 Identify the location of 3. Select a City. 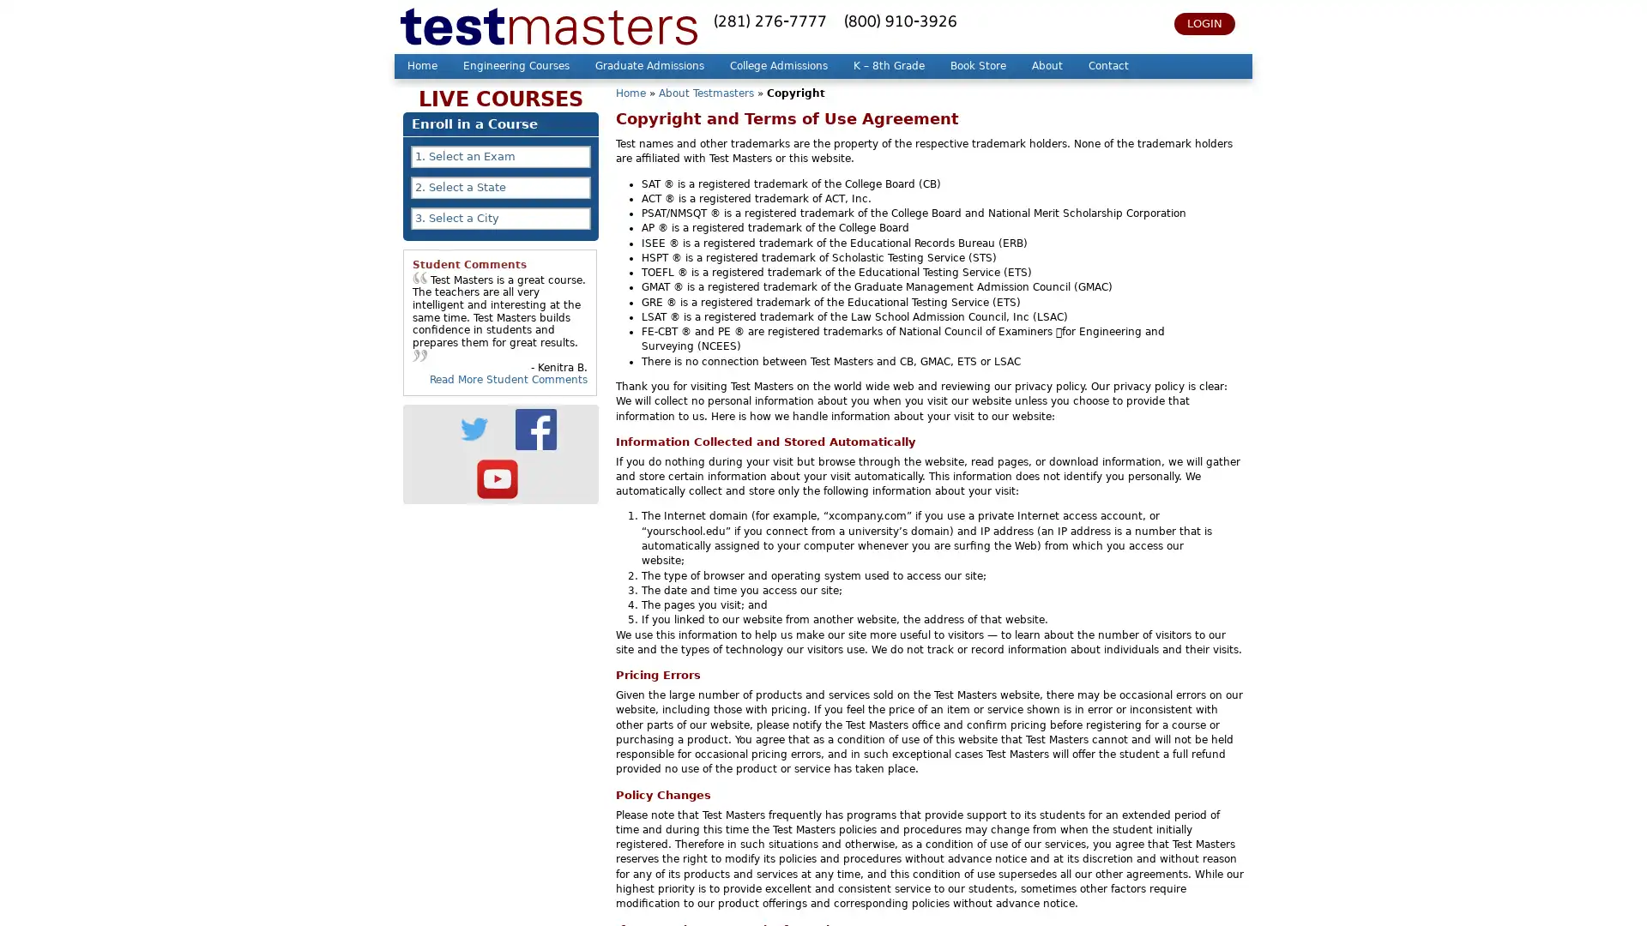
(500, 217).